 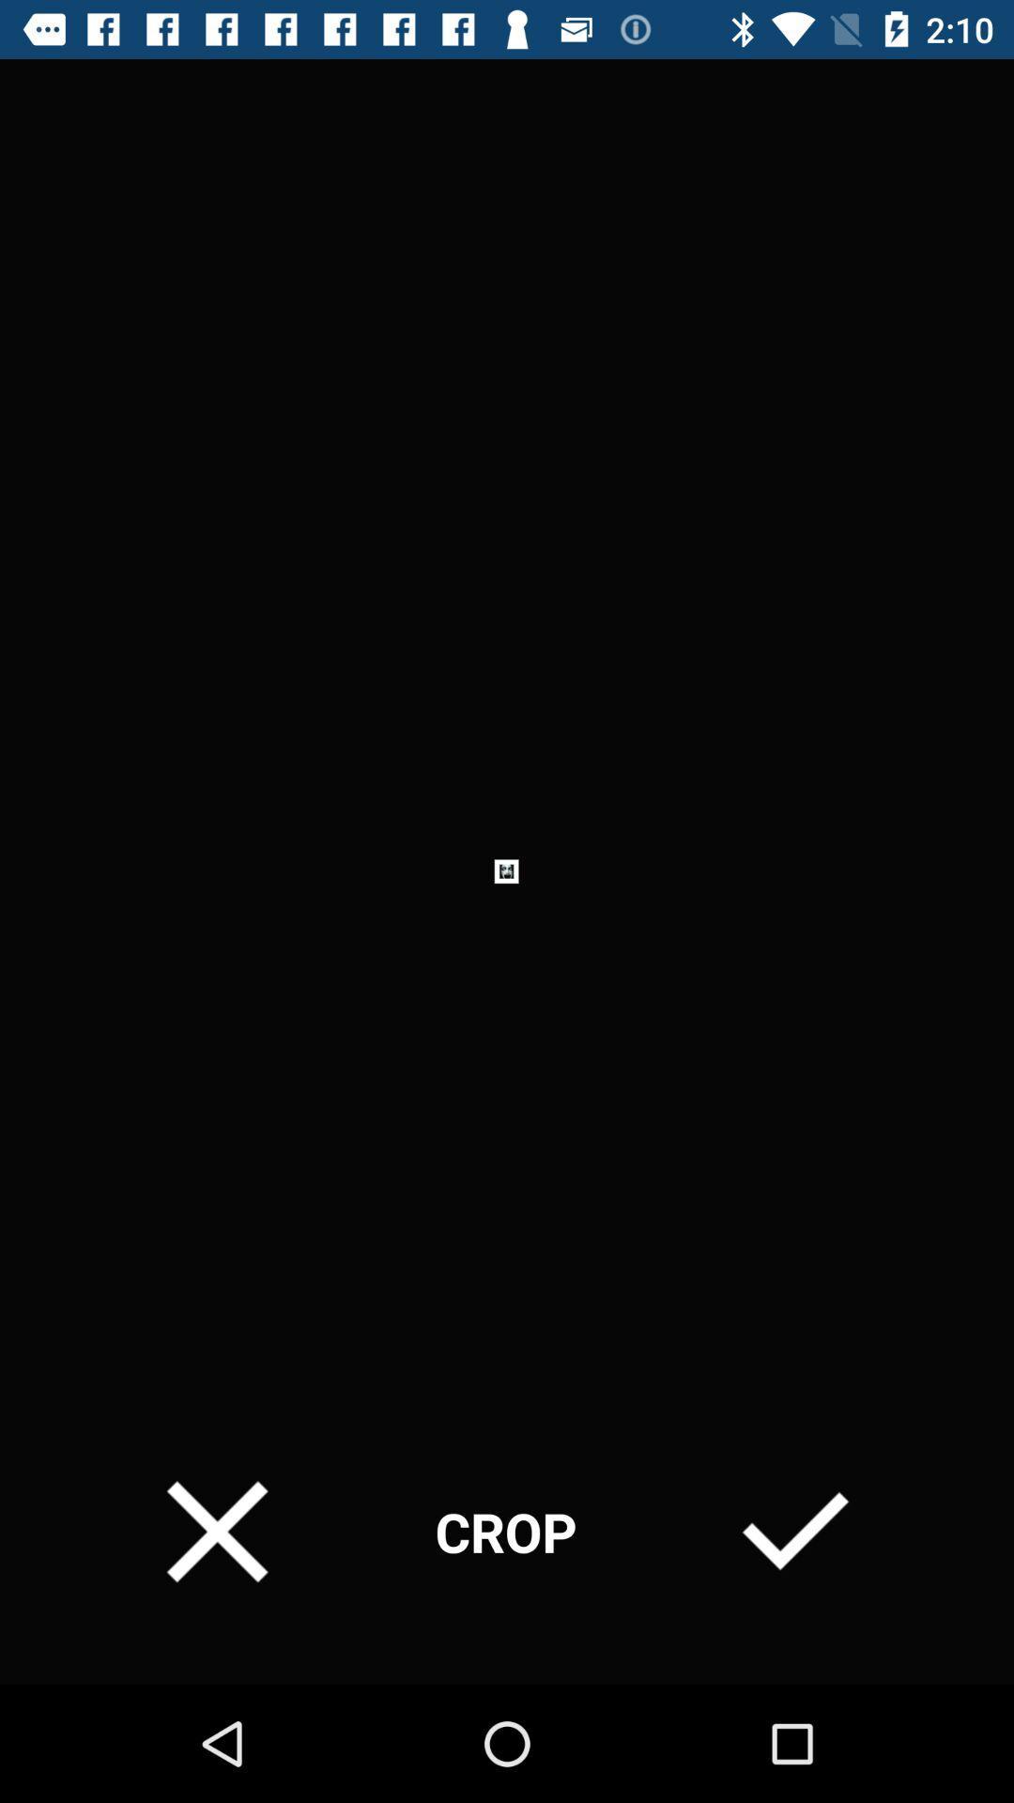 What do you see at coordinates (216, 1532) in the screenshot?
I see `the icon next to crop item` at bounding box center [216, 1532].